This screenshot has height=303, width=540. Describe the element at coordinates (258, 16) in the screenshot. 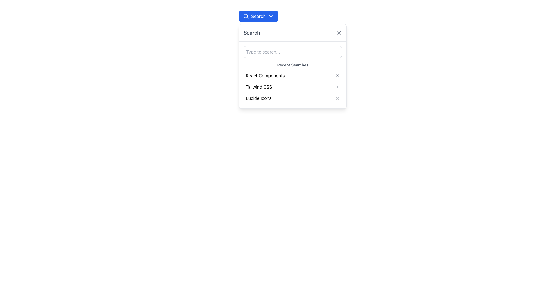

I see `the toggle button for the dropdown menu to observe the hover effects` at that location.